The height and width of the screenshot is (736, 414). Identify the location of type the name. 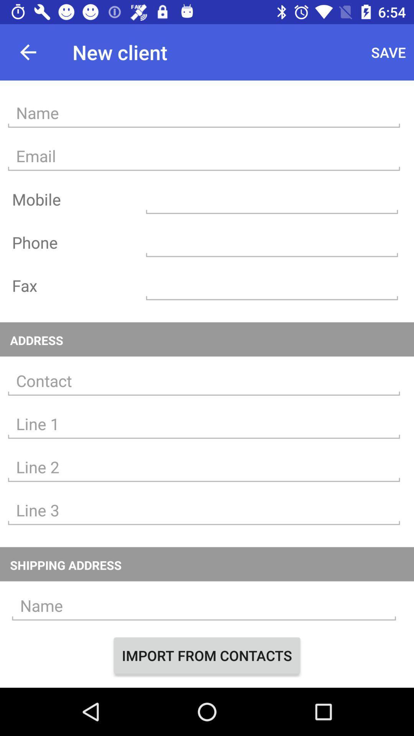
(204, 605).